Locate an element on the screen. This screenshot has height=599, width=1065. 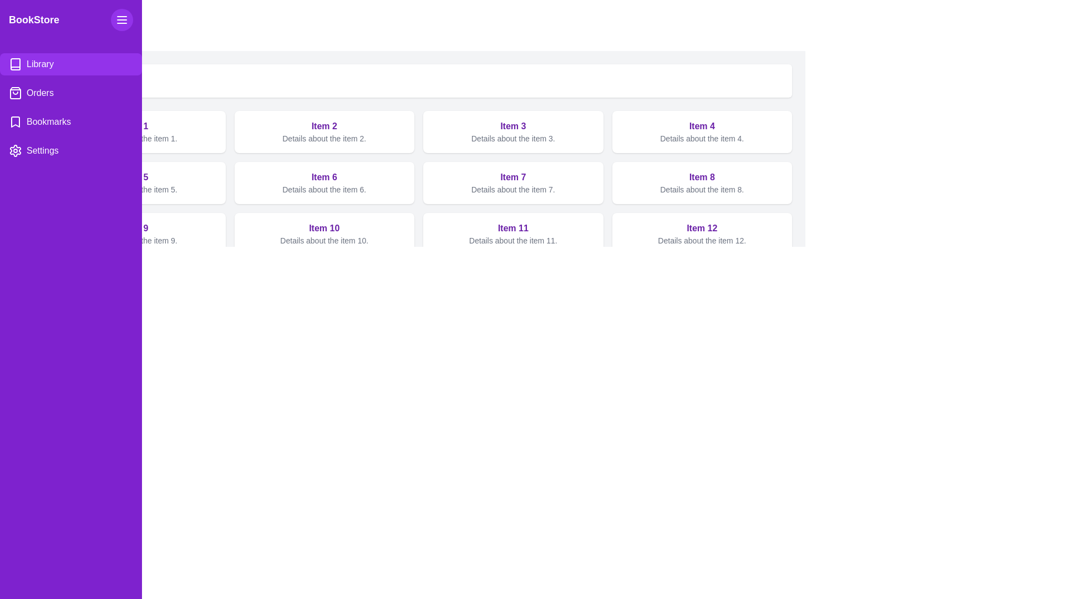
the descriptive text for 'Item 8', which is located directly below its title in the second row, fourth column of the grid layout is located at coordinates (701, 189).